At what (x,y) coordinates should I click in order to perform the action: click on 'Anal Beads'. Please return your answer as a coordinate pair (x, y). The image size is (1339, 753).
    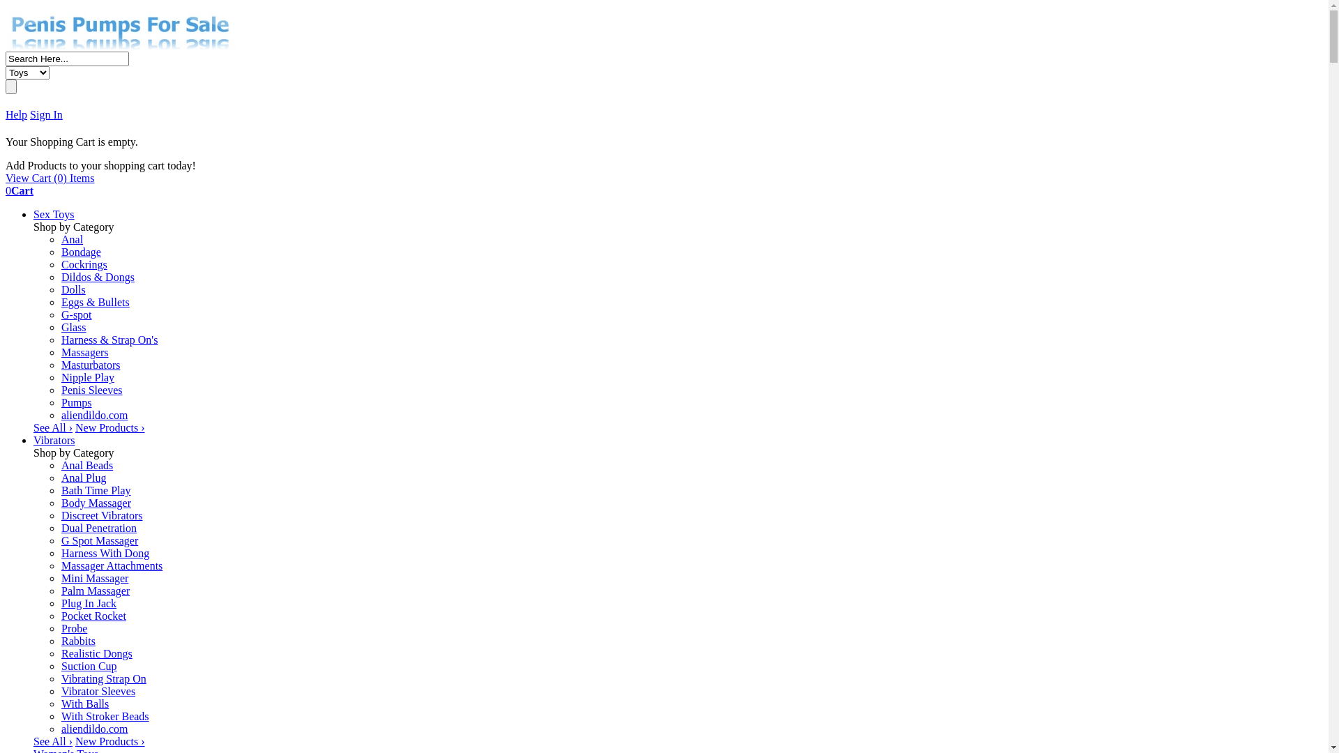
    Looking at the image, I should click on (86, 465).